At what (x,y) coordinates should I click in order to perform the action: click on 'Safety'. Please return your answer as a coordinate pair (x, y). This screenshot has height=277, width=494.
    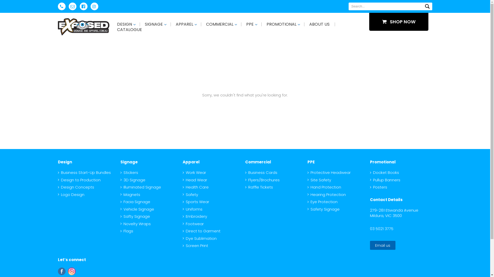
    Looking at the image, I should click on (190, 194).